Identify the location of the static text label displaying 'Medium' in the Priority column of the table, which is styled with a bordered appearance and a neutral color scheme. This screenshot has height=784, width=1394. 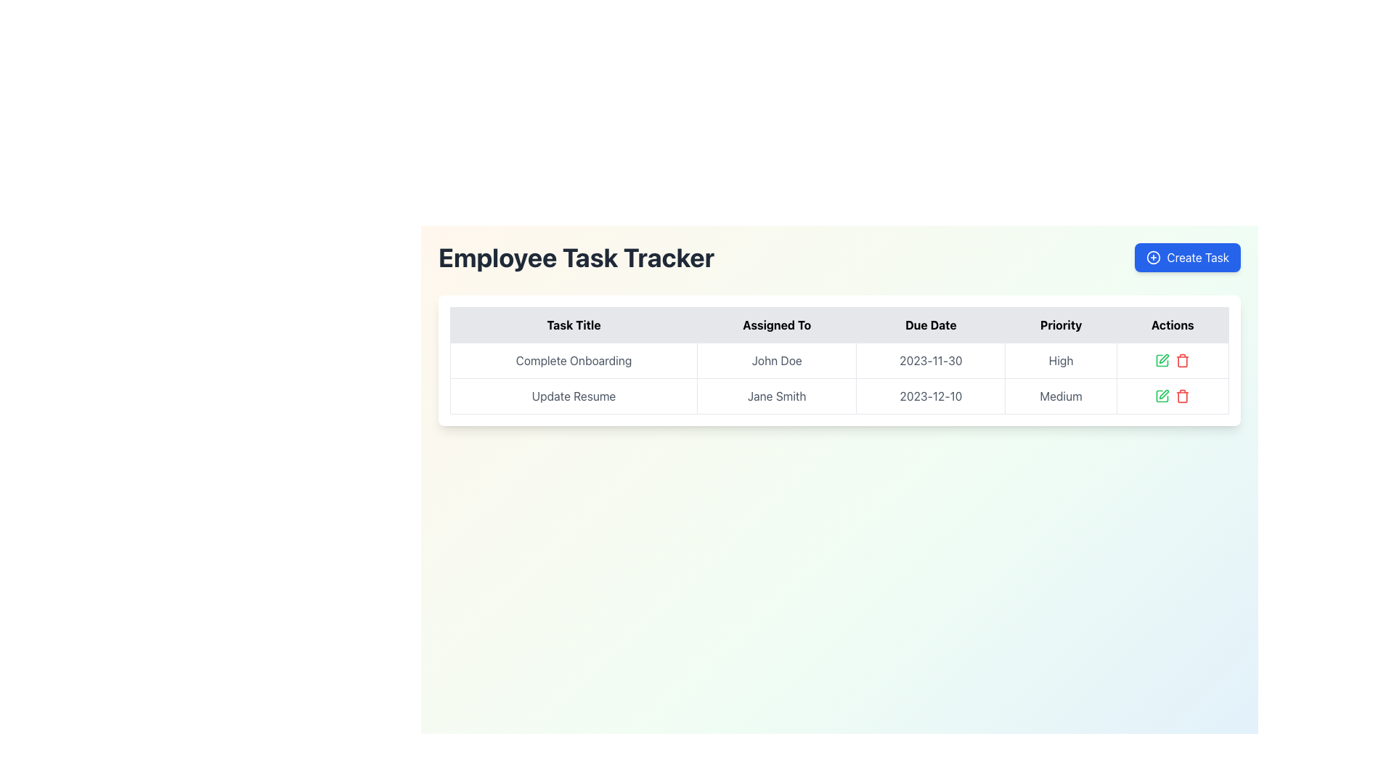
(1061, 396).